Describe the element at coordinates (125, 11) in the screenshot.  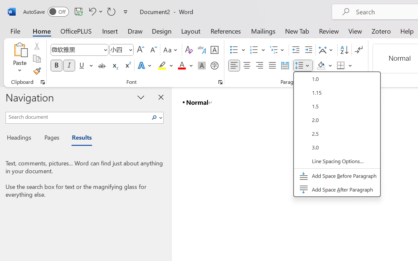
I see `'Customize Quick Access Toolbar'` at that location.